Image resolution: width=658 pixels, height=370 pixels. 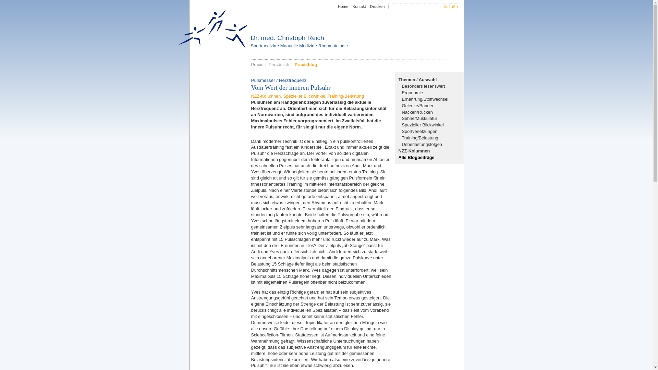 What do you see at coordinates (422, 125) in the screenshot?
I see `'Spezieller Blickwinkel'` at bounding box center [422, 125].